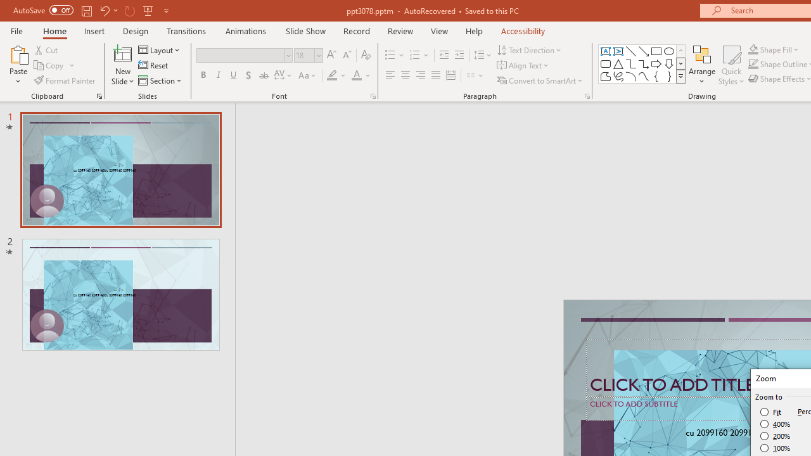  I want to click on 'Layout', so click(159, 49).